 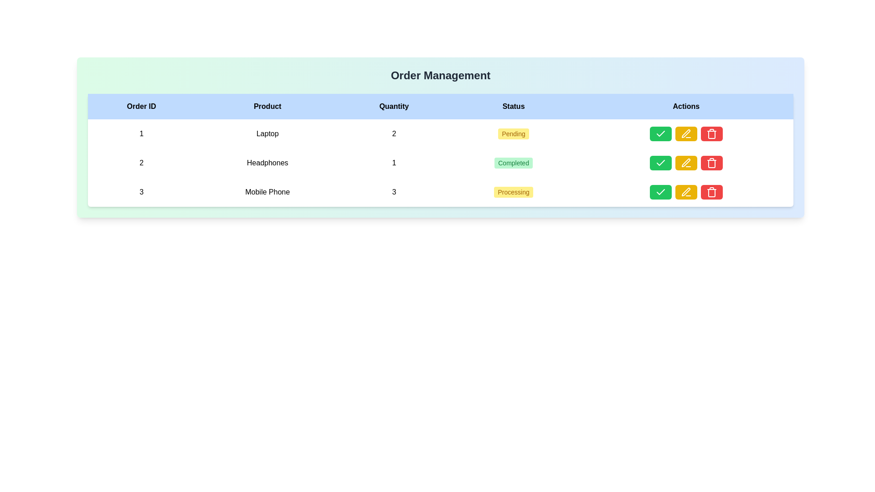 What do you see at coordinates (660, 133) in the screenshot?
I see `the checkmark icon in the Actions column of the second row to confirm the action` at bounding box center [660, 133].